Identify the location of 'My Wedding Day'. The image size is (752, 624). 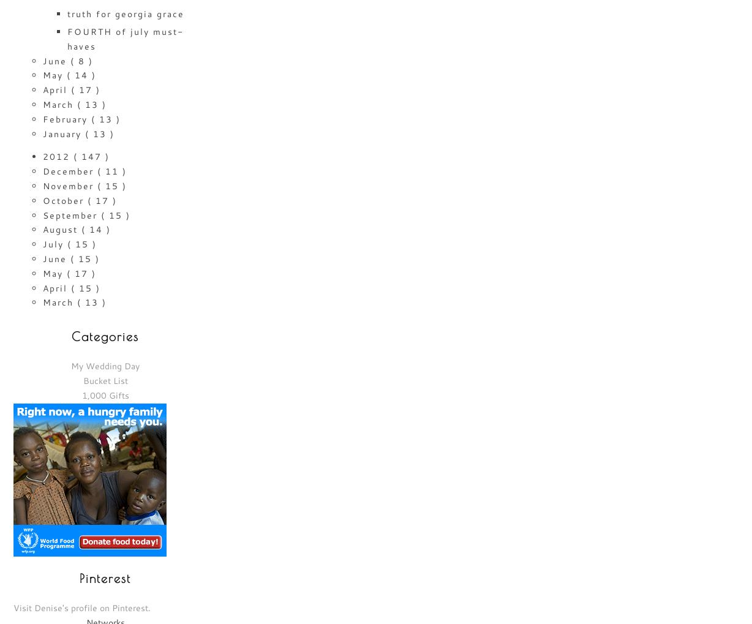
(105, 365).